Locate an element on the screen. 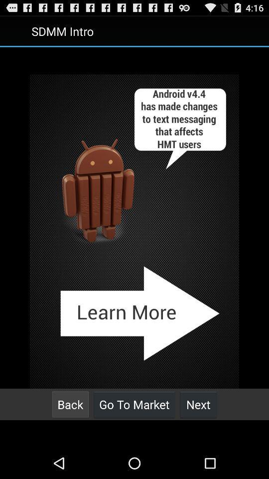  go to market at the bottom is located at coordinates (134, 404).